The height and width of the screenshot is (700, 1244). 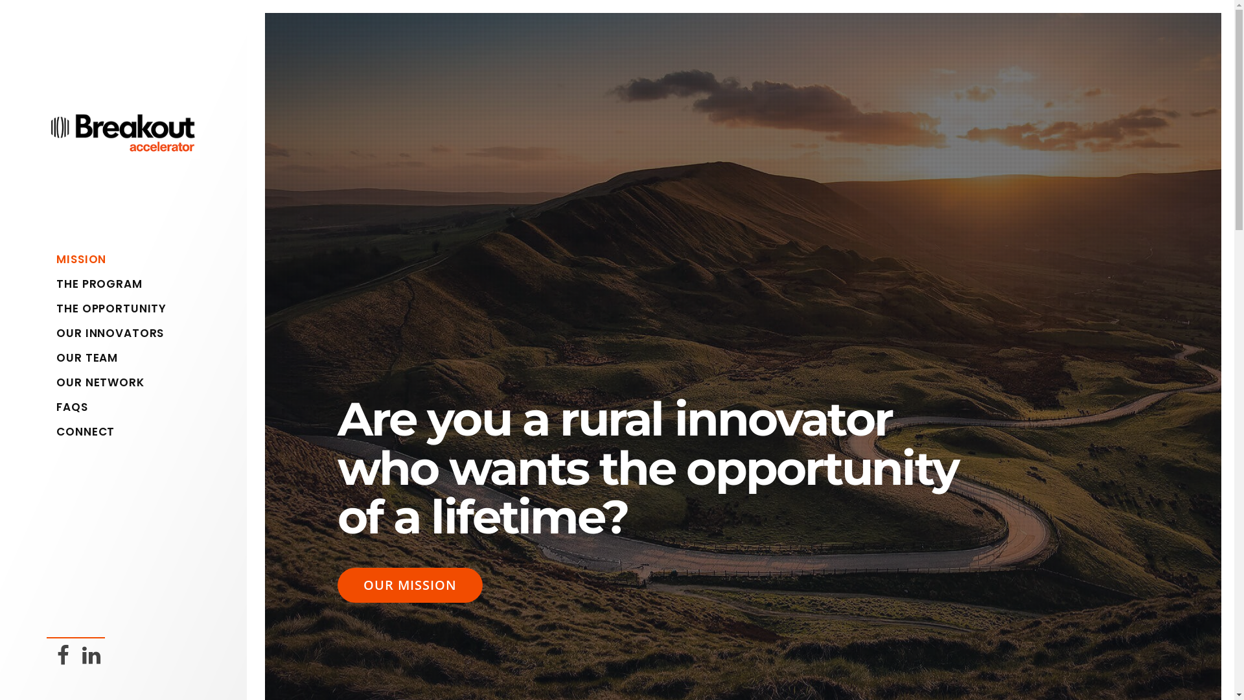 I want to click on 'THE PROGRAM', so click(x=55, y=283).